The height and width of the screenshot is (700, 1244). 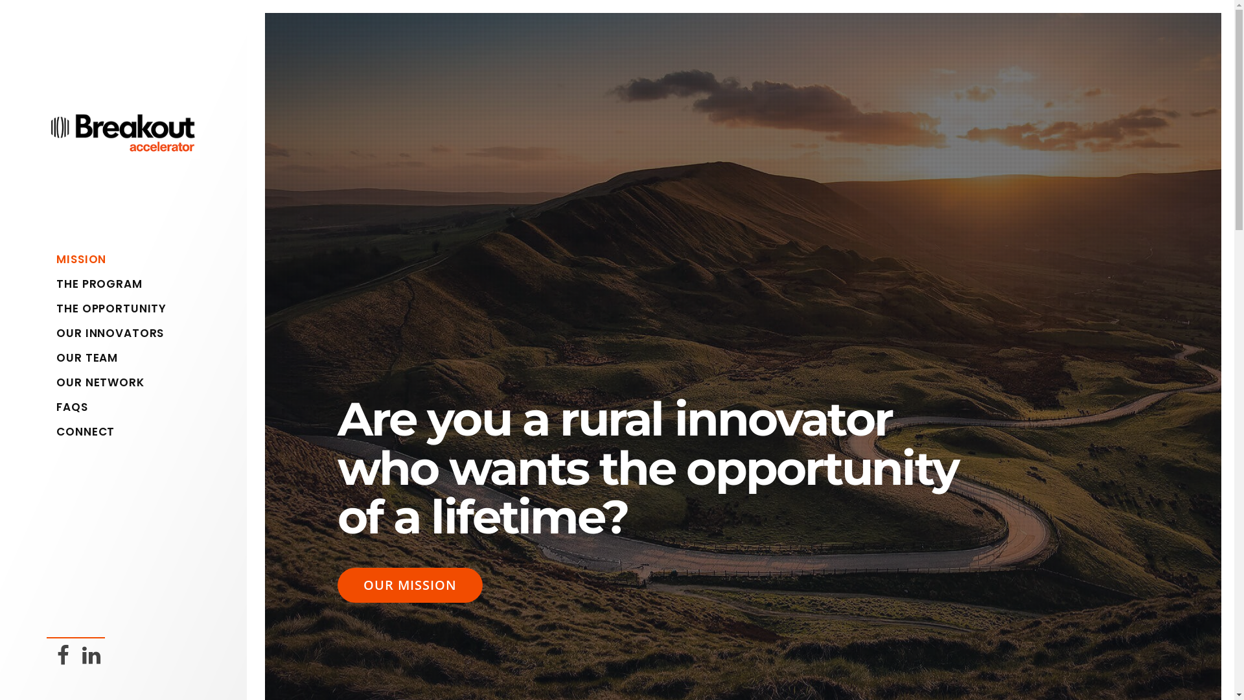 I want to click on 'THE PROGRAM', so click(x=55, y=283).